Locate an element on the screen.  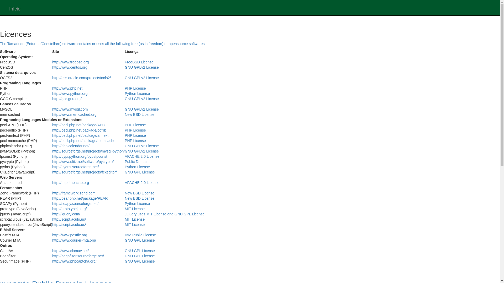
'http://soapy.sourceforge.net/' is located at coordinates (75, 203).